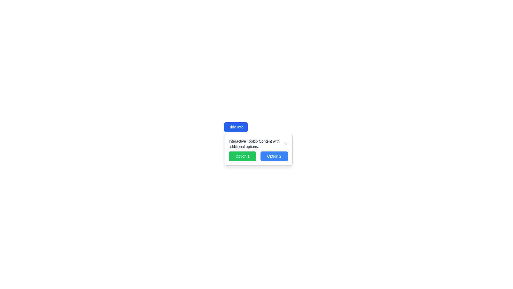 The width and height of the screenshot is (513, 289). Describe the element at coordinates (255, 143) in the screenshot. I see `the text label displaying 'Interactive Tooltip Content with additional options.' which is positioned to the left of a small interactive icon and above two buttons labeled 'Option 1' and 'Option 2'` at that location.